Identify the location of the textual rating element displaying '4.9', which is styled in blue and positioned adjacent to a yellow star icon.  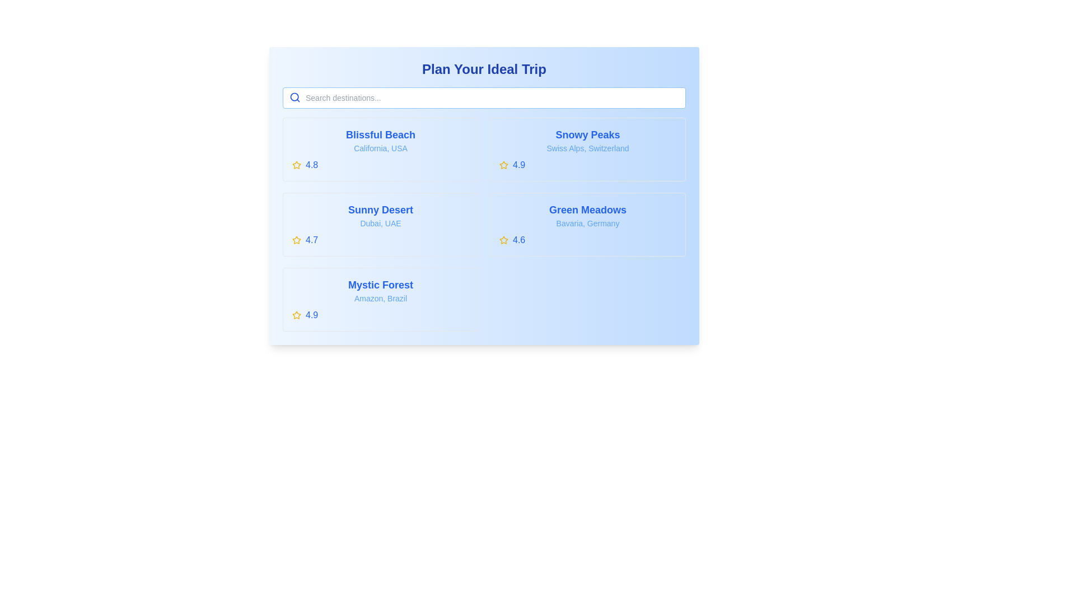
(518, 165).